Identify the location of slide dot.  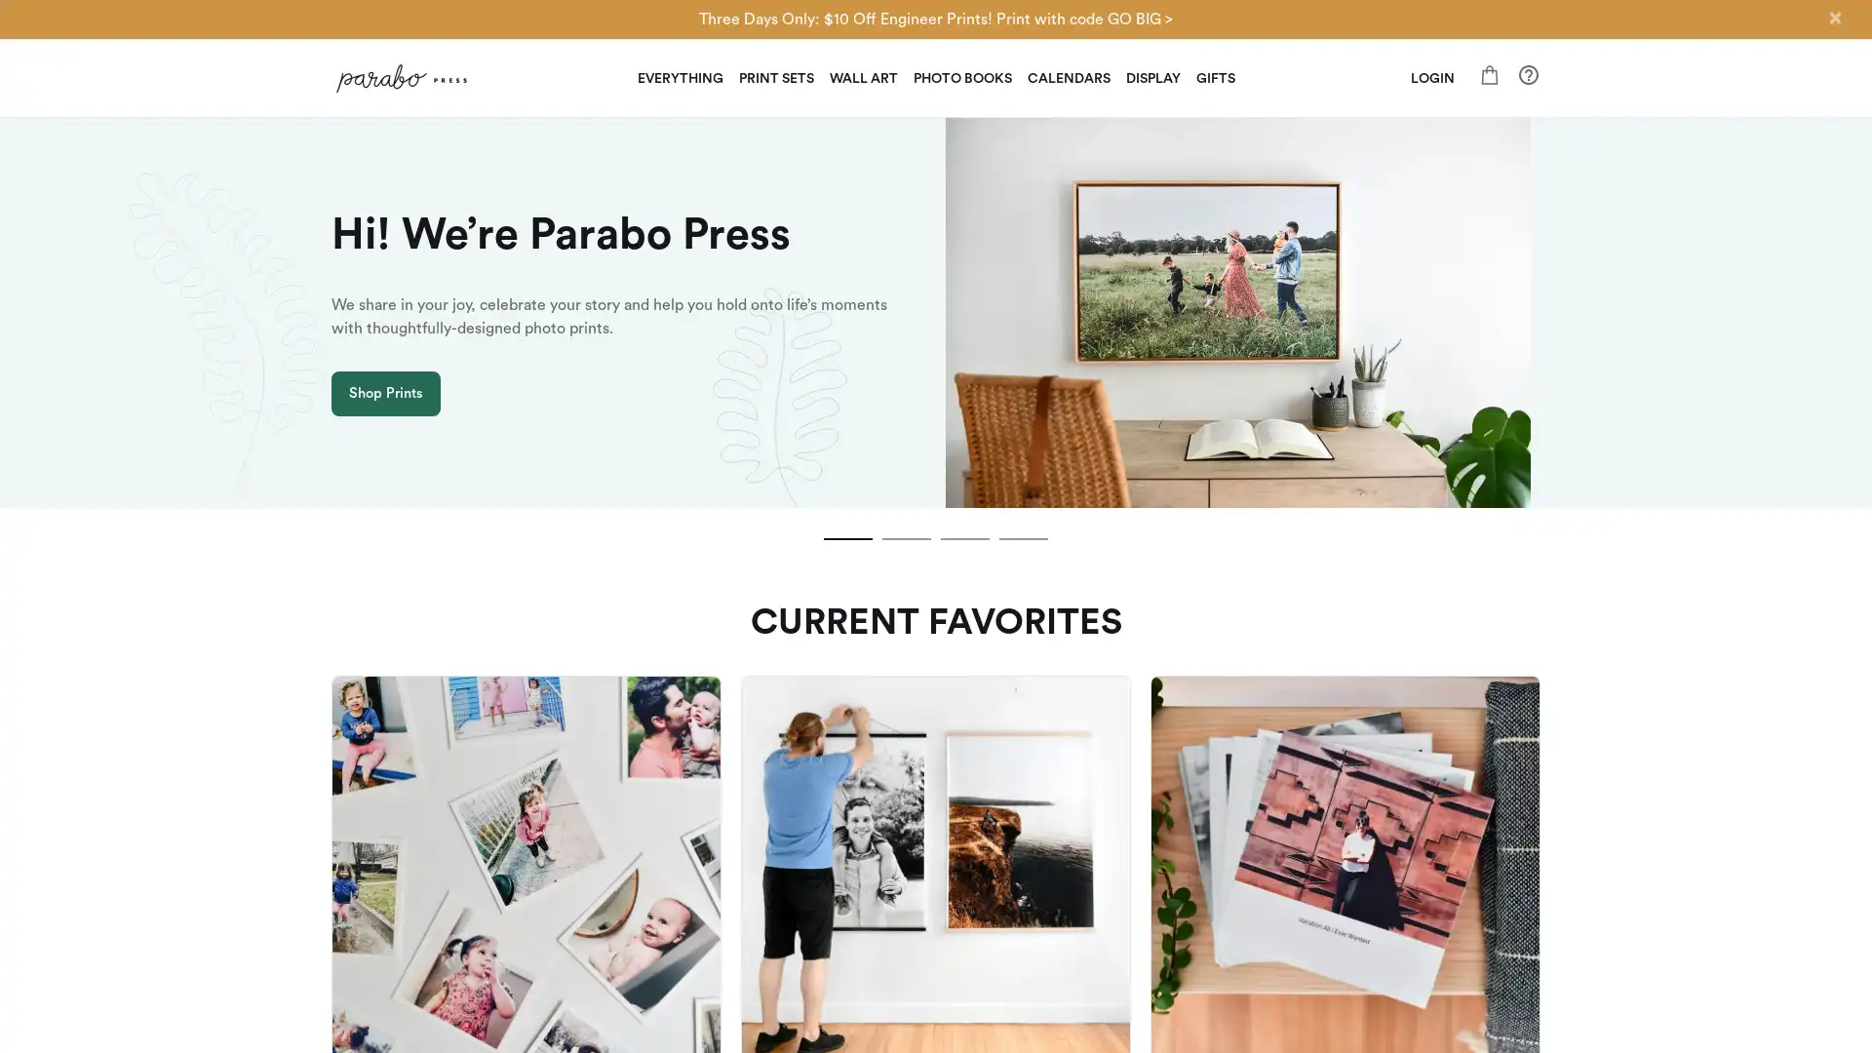
(847, 538).